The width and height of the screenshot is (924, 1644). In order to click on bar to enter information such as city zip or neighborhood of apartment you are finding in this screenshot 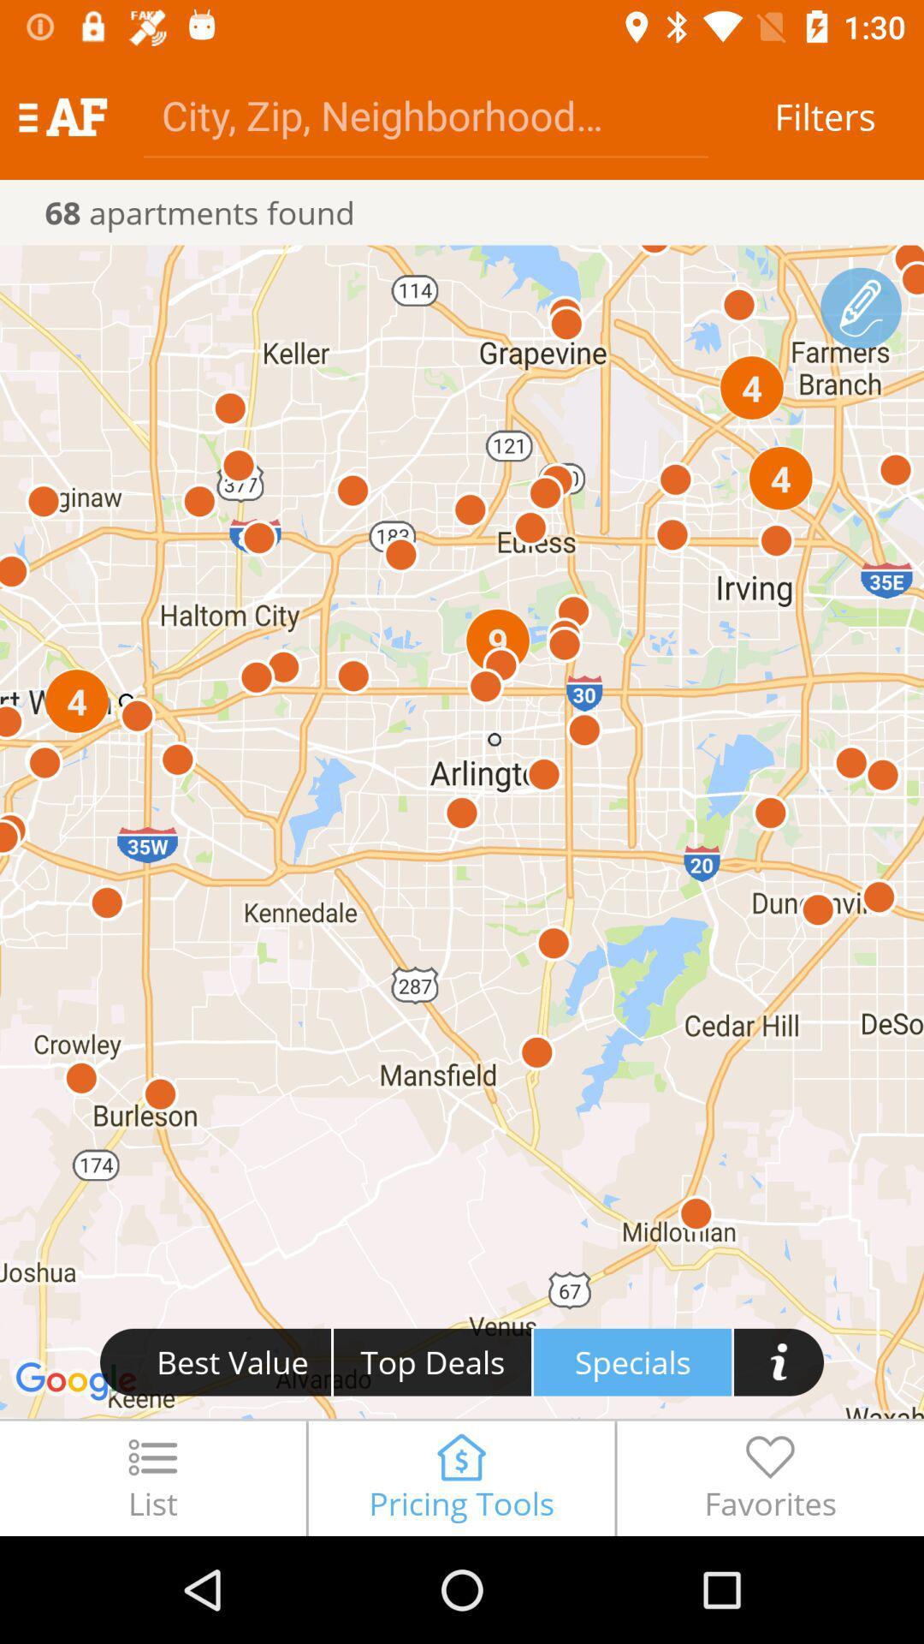, I will do `click(424, 114)`.